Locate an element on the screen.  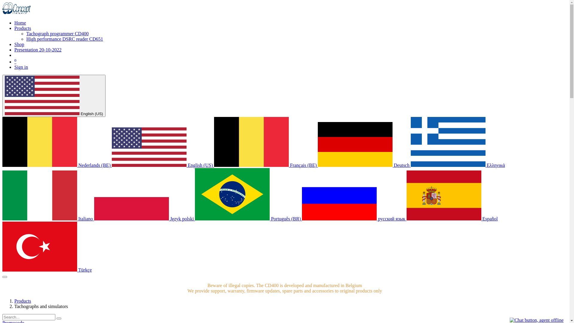
'Deutsch' is located at coordinates (364, 165).